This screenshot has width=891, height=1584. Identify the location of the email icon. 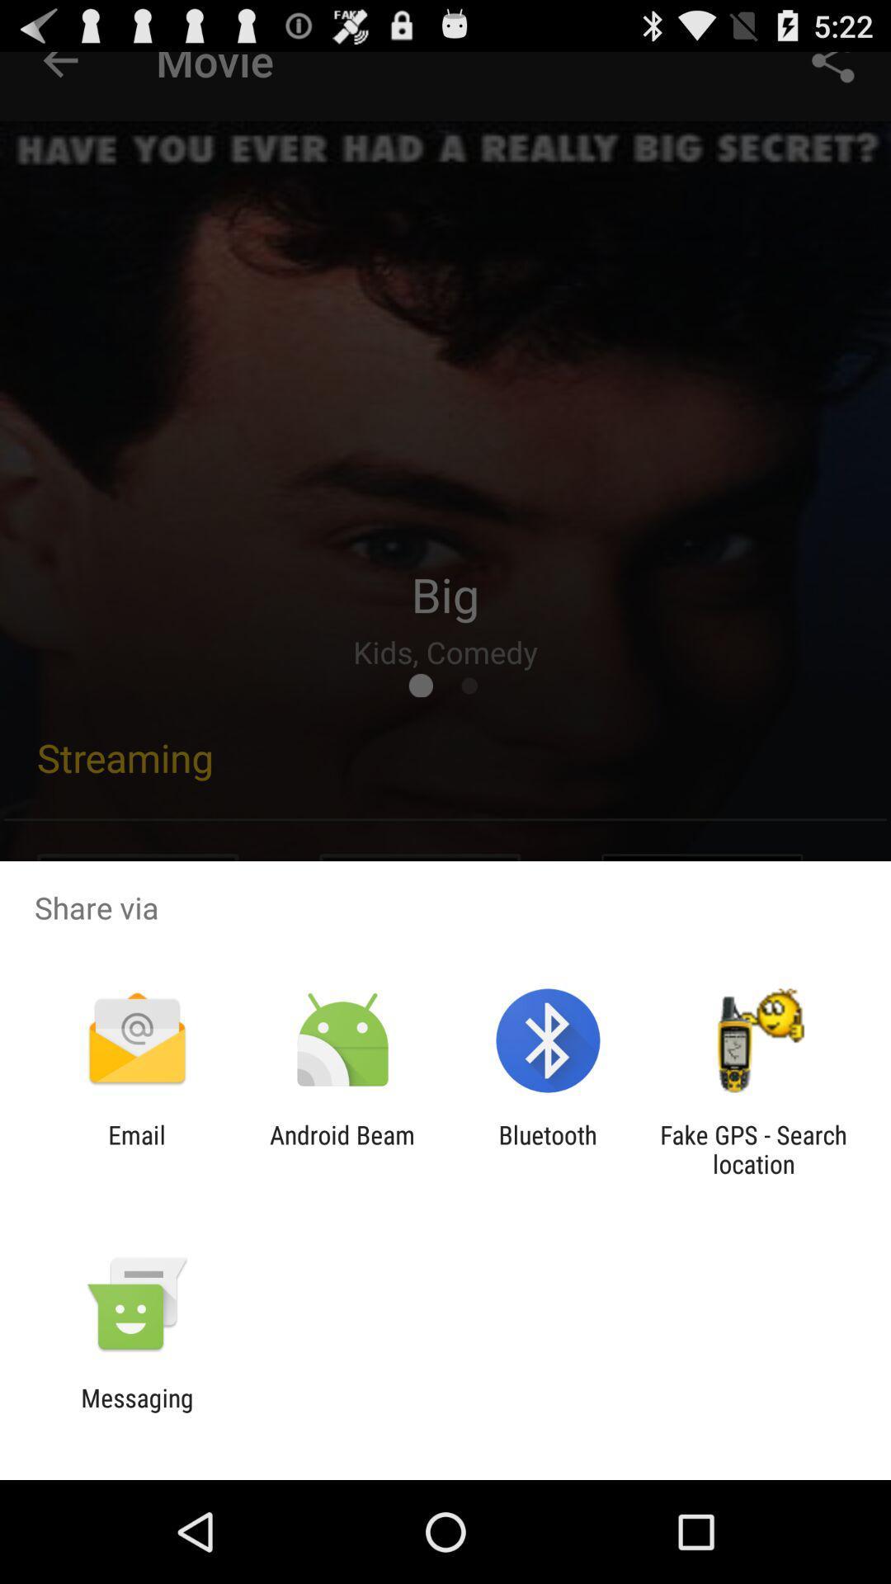
(136, 1148).